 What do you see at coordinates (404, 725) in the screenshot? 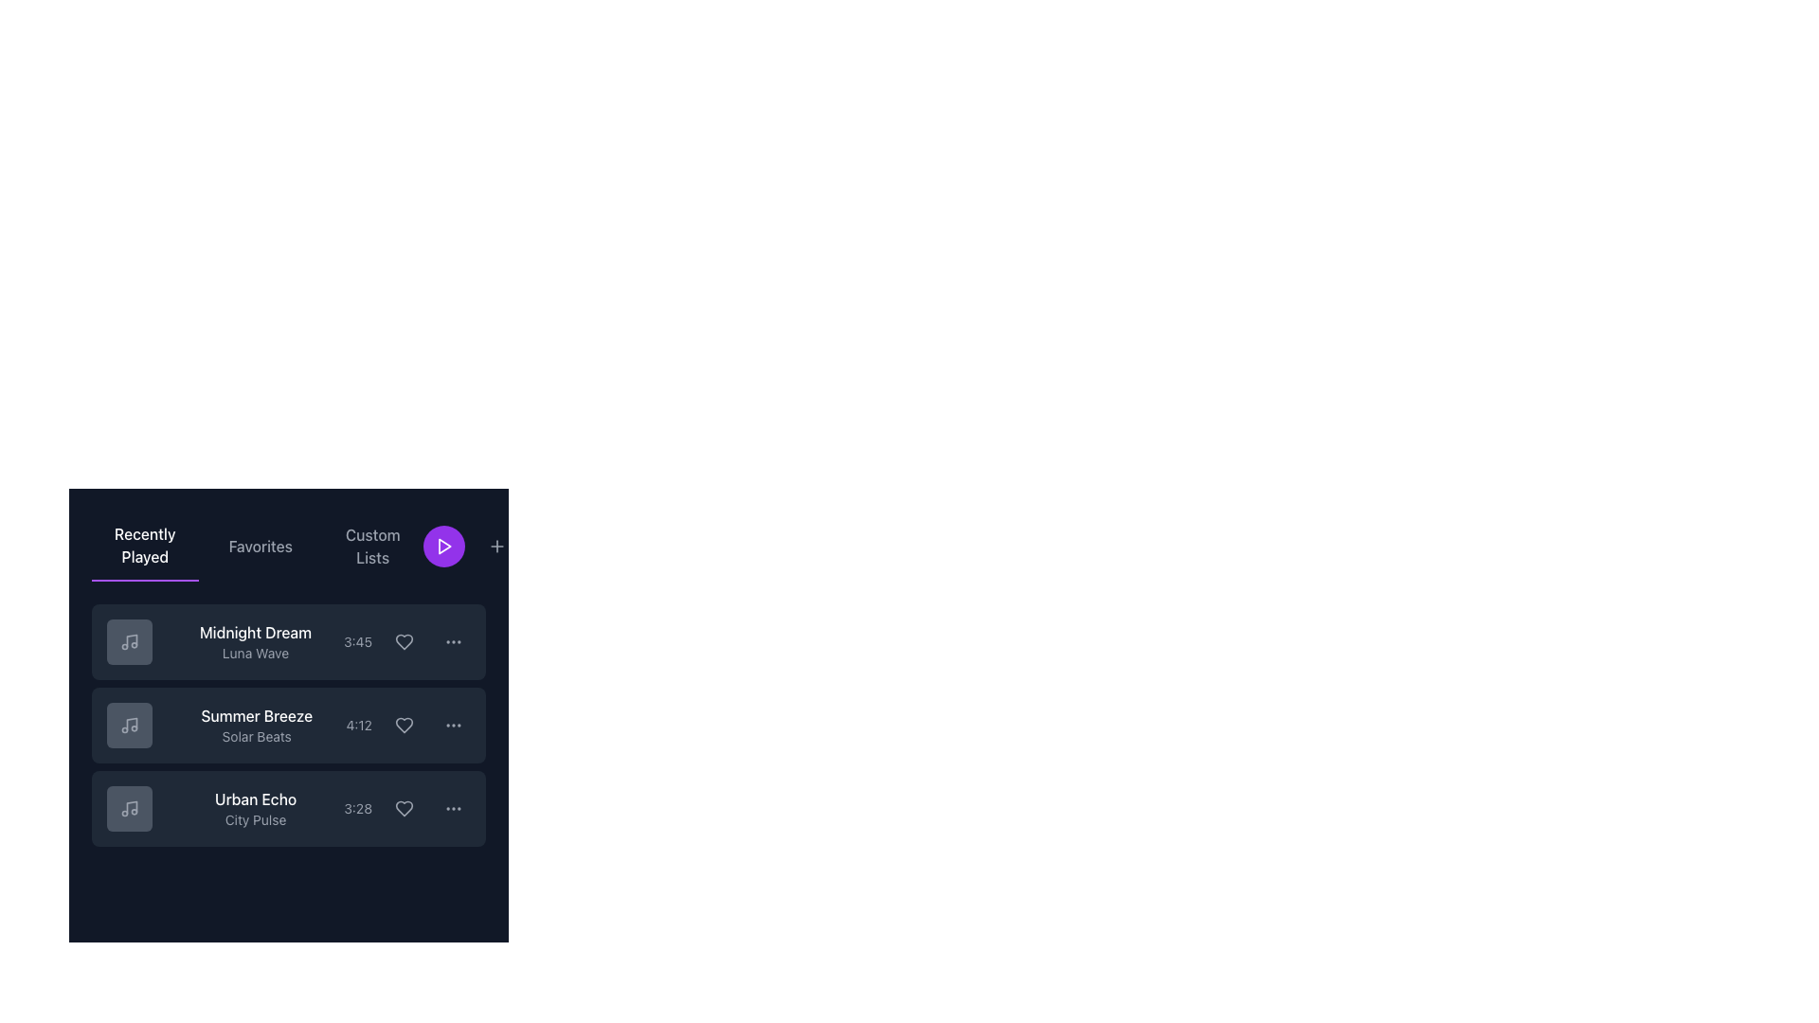
I see `the icon button to the right of the song title 'Summer Breeze' by Solar Beats to change its appearance` at bounding box center [404, 725].